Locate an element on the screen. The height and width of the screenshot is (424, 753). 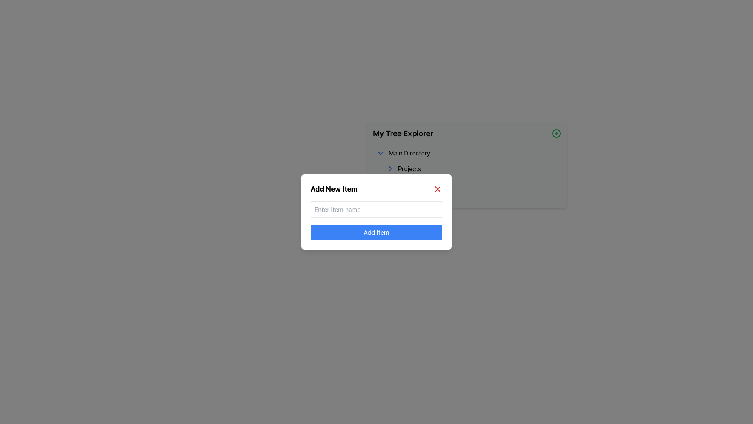
the button located in the top-right corner of the 'My Tree Explorer' section is located at coordinates (556, 133).